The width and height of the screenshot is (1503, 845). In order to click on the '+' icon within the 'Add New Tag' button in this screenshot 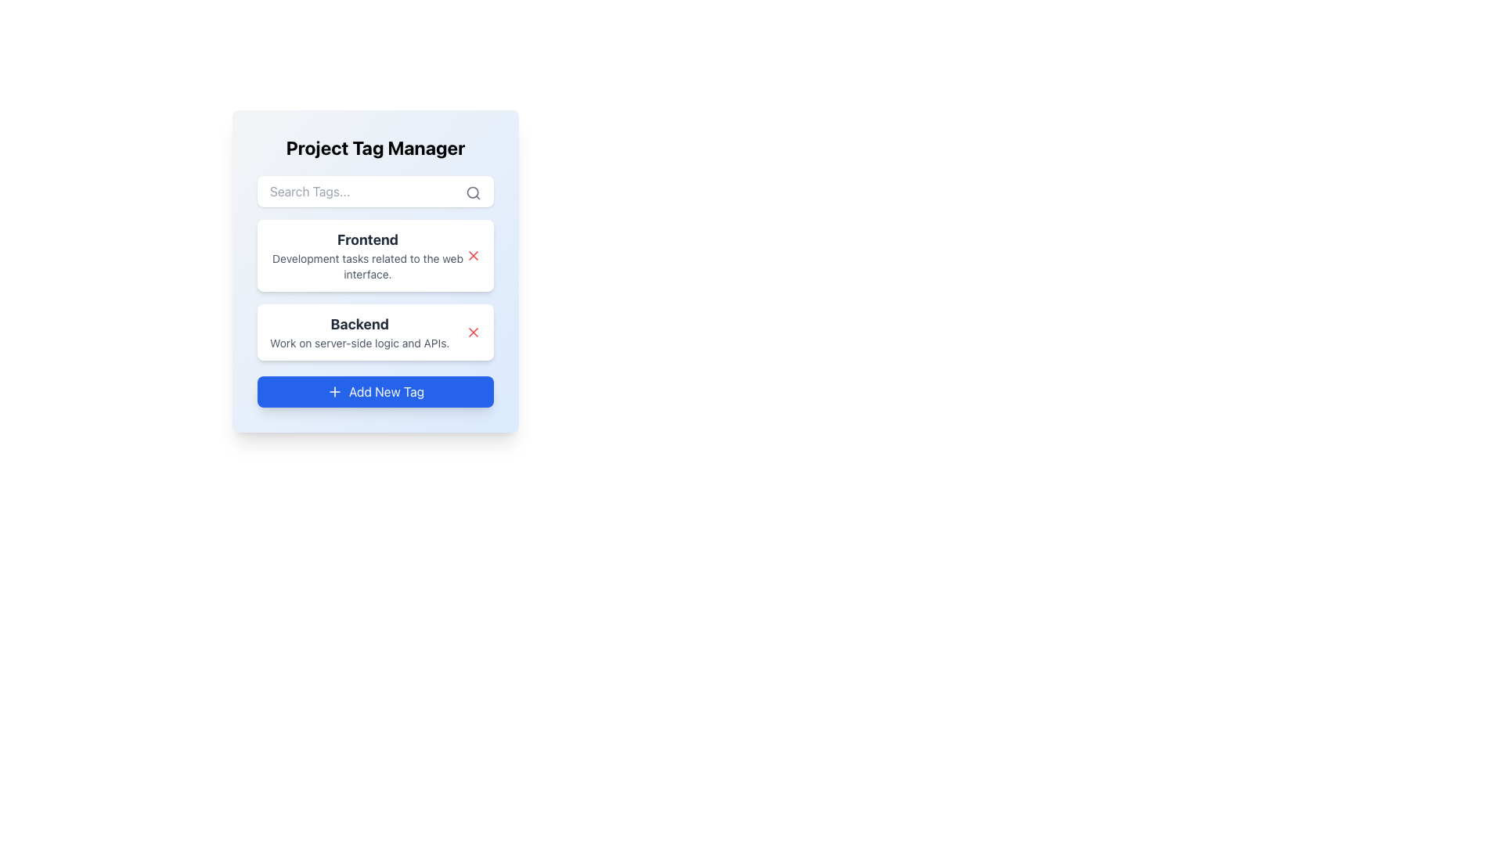, I will do `click(333, 391)`.